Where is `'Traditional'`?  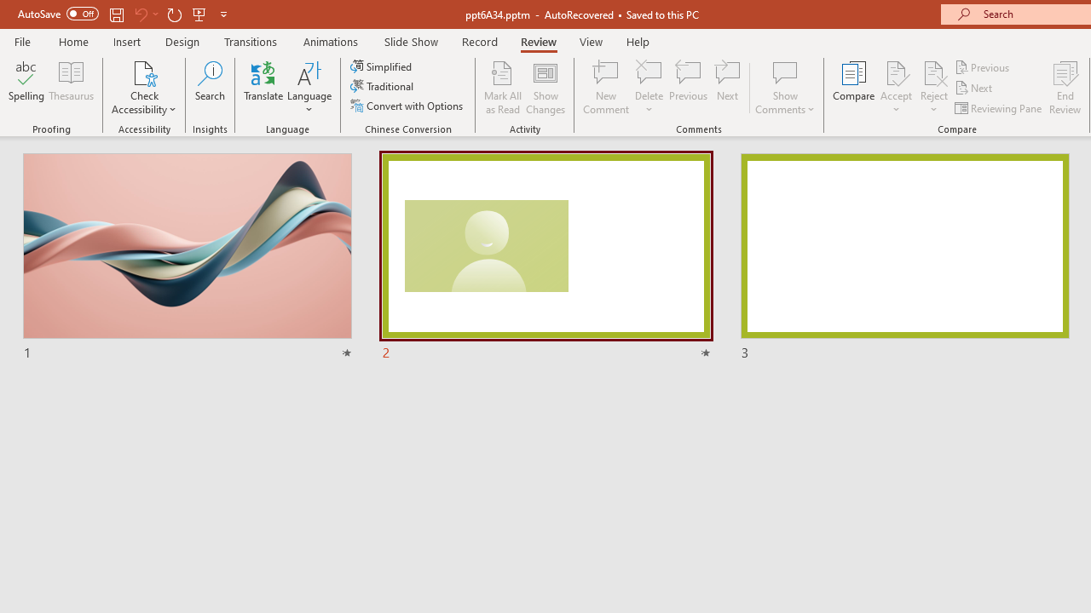
'Traditional' is located at coordinates (382, 86).